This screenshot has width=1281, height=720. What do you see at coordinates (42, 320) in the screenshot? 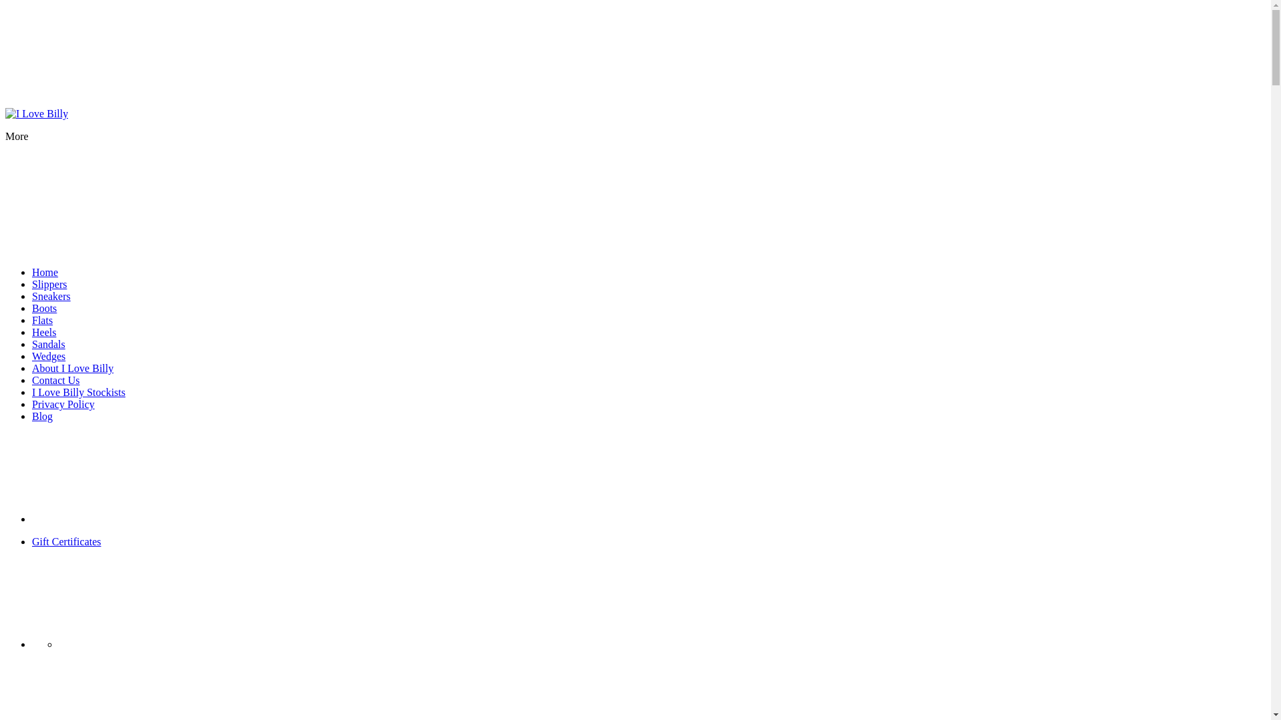
I see `'Flats'` at bounding box center [42, 320].